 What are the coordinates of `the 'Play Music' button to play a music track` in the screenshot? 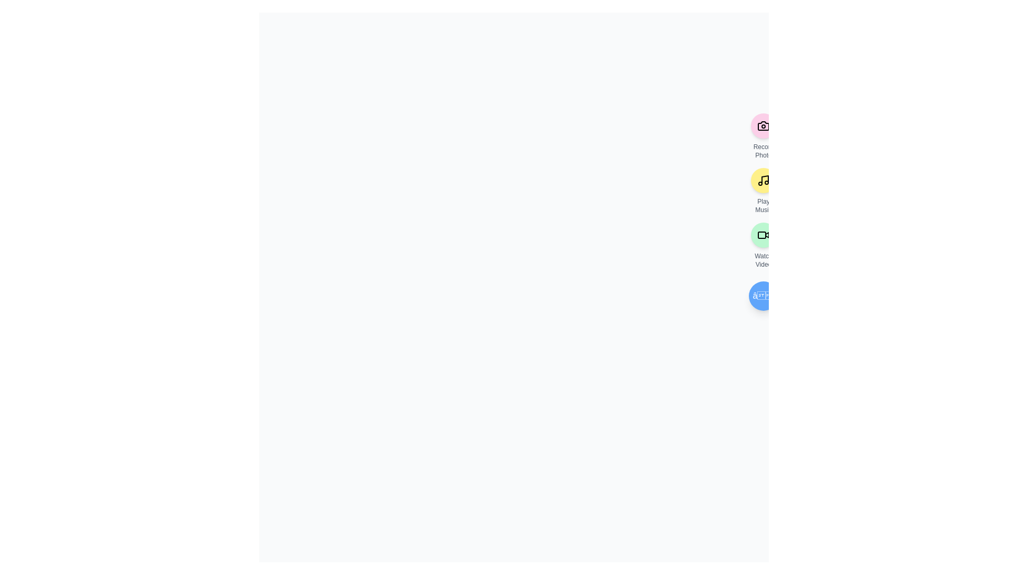 It's located at (764, 180).